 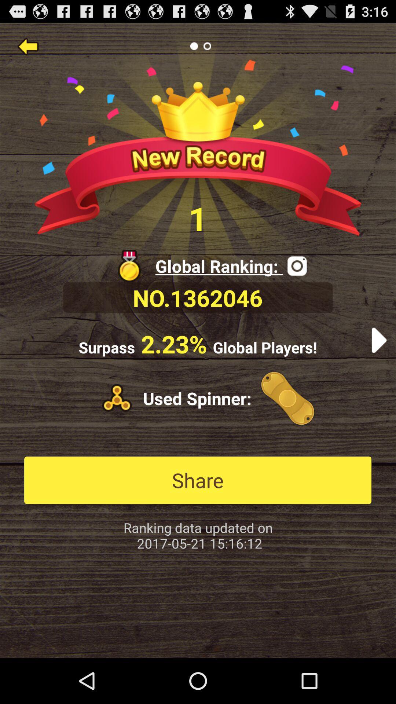 What do you see at coordinates (27, 45) in the screenshot?
I see `go back` at bounding box center [27, 45].